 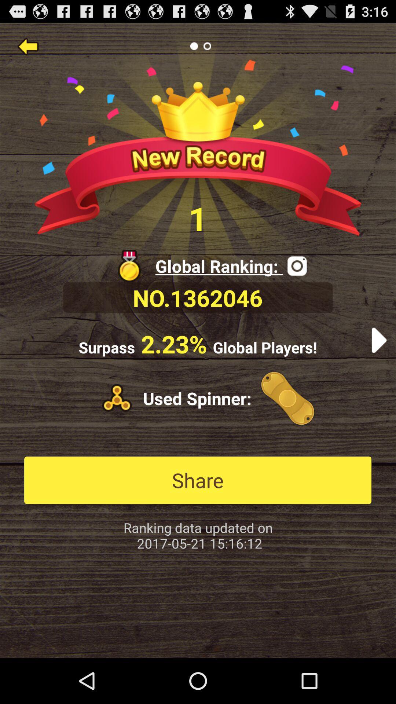 What do you see at coordinates (27, 45) in the screenshot?
I see `go back` at bounding box center [27, 45].